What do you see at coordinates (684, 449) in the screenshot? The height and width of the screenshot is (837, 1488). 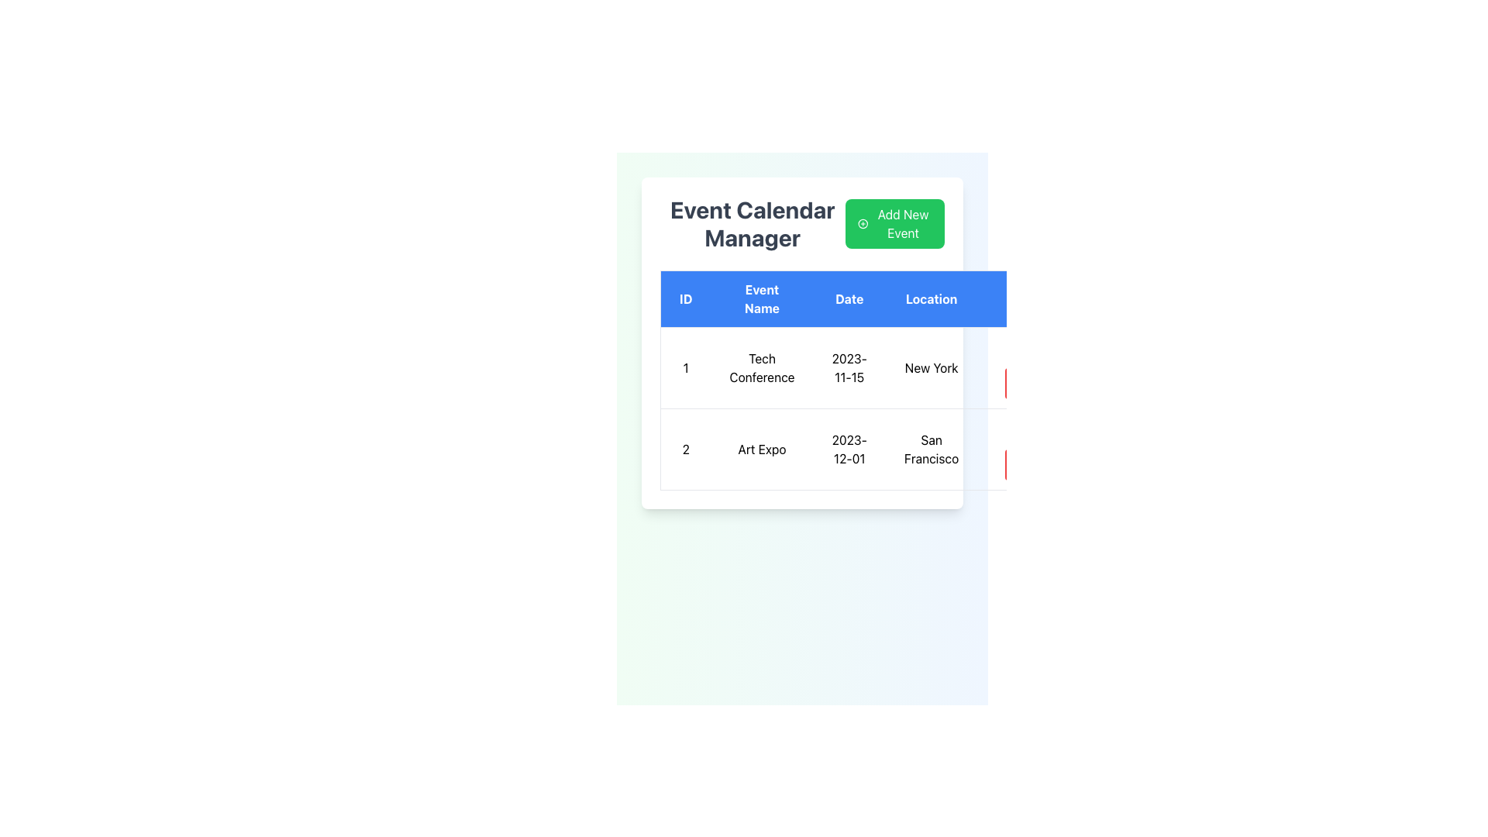 I see `the single-digit number '2' located in the second row of the table under the 'ID' column, styled in bold text` at bounding box center [684, 449].